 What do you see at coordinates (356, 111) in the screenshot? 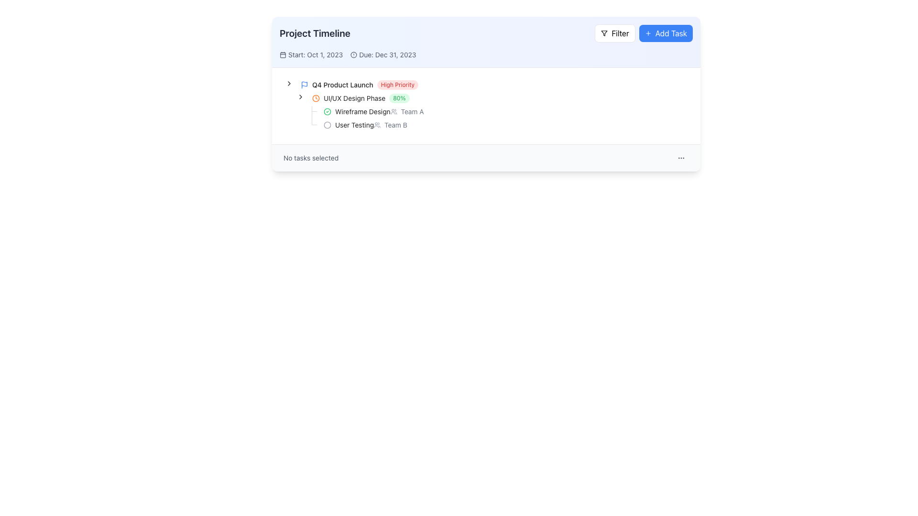
I see `the completed task label with a green checkmark icon, which is the first sub-item under the 'UI/UX Design Phase' heading in the project timeline` at bounding box center [356, 111].